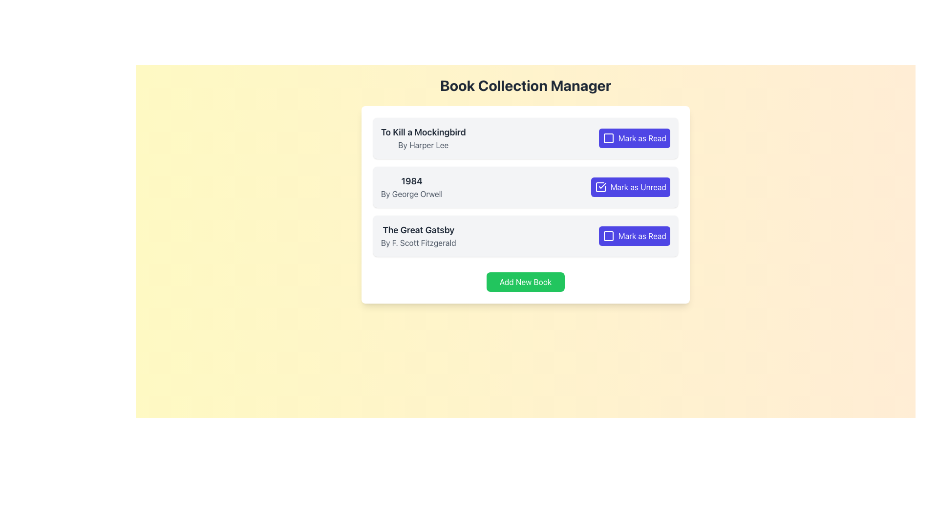  Describe the element at coordinates (608, 236) in the screenshot. I see `the SVG graphical element within the 'Mark as Read' button for the book titled 'The Great Gatsby', which is the third entry in the list of books` at that location.